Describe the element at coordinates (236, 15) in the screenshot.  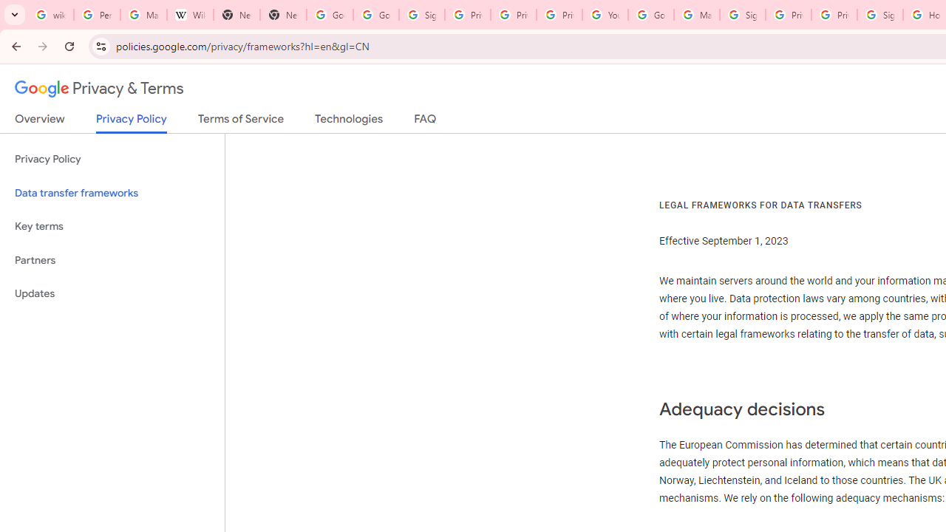
I see `'New Tab'` at that location.